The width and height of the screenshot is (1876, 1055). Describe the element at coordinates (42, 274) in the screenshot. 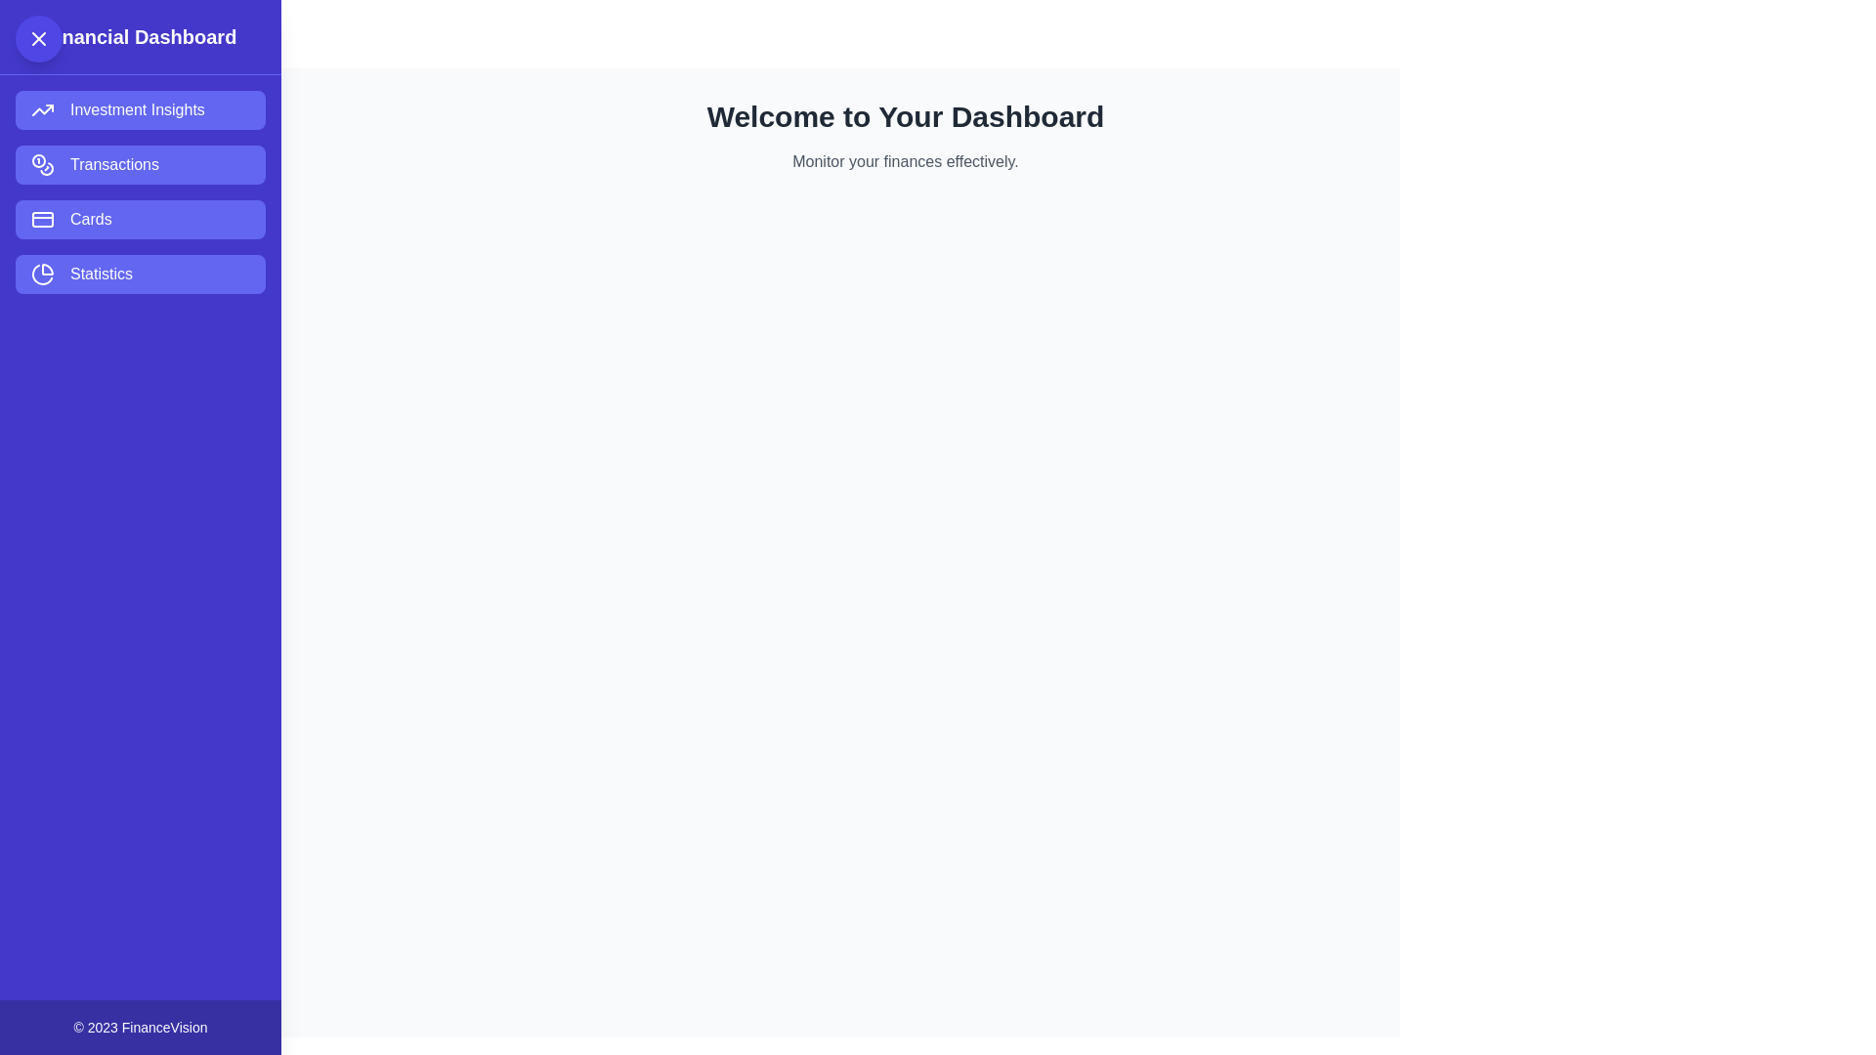

I see `the 'Statistics' icon in the navigation panel, which is the fourth option in the menu, located to the left of the accompanying label text` at that location.